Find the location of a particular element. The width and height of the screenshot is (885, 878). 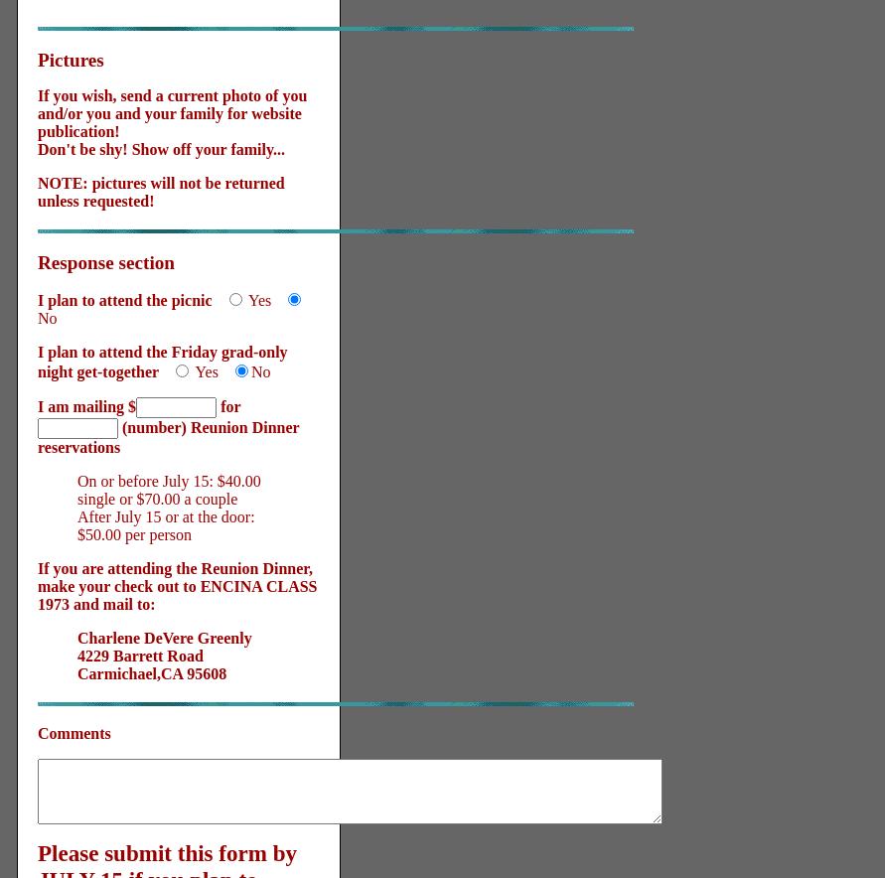

'If you are attending the Reunion Dinner, make your check out to ENCINA CLASS
  1973 and mail to:' is located at coordinates (176, 586).